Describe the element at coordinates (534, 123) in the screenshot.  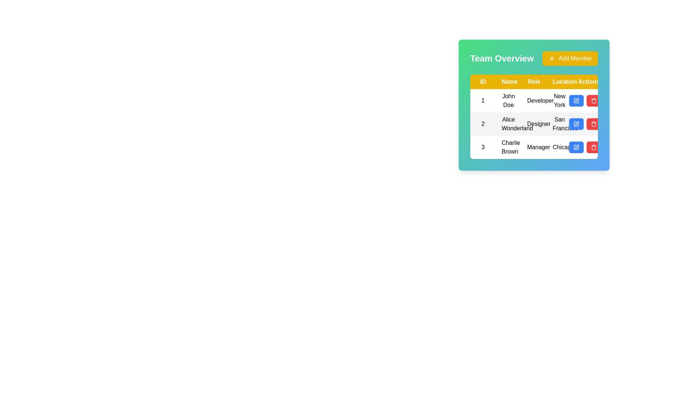
I see `the 'Designer' role in the second row of the table displaying 'Alice Wonderland'` at that location.